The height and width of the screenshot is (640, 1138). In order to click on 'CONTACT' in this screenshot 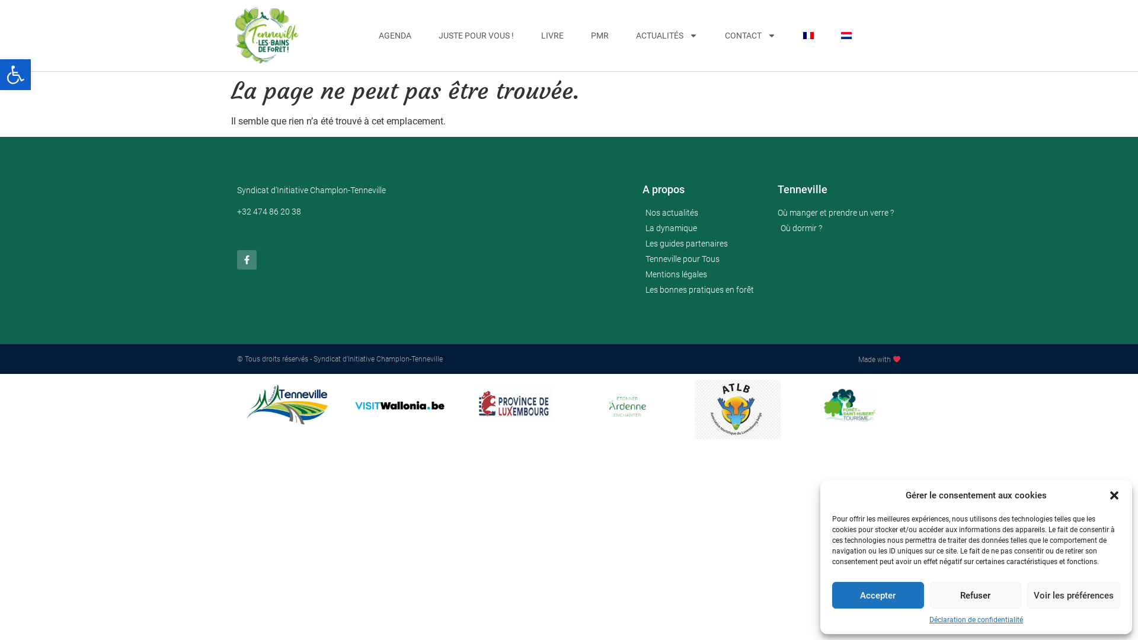, I will do `click(750, 35)`.